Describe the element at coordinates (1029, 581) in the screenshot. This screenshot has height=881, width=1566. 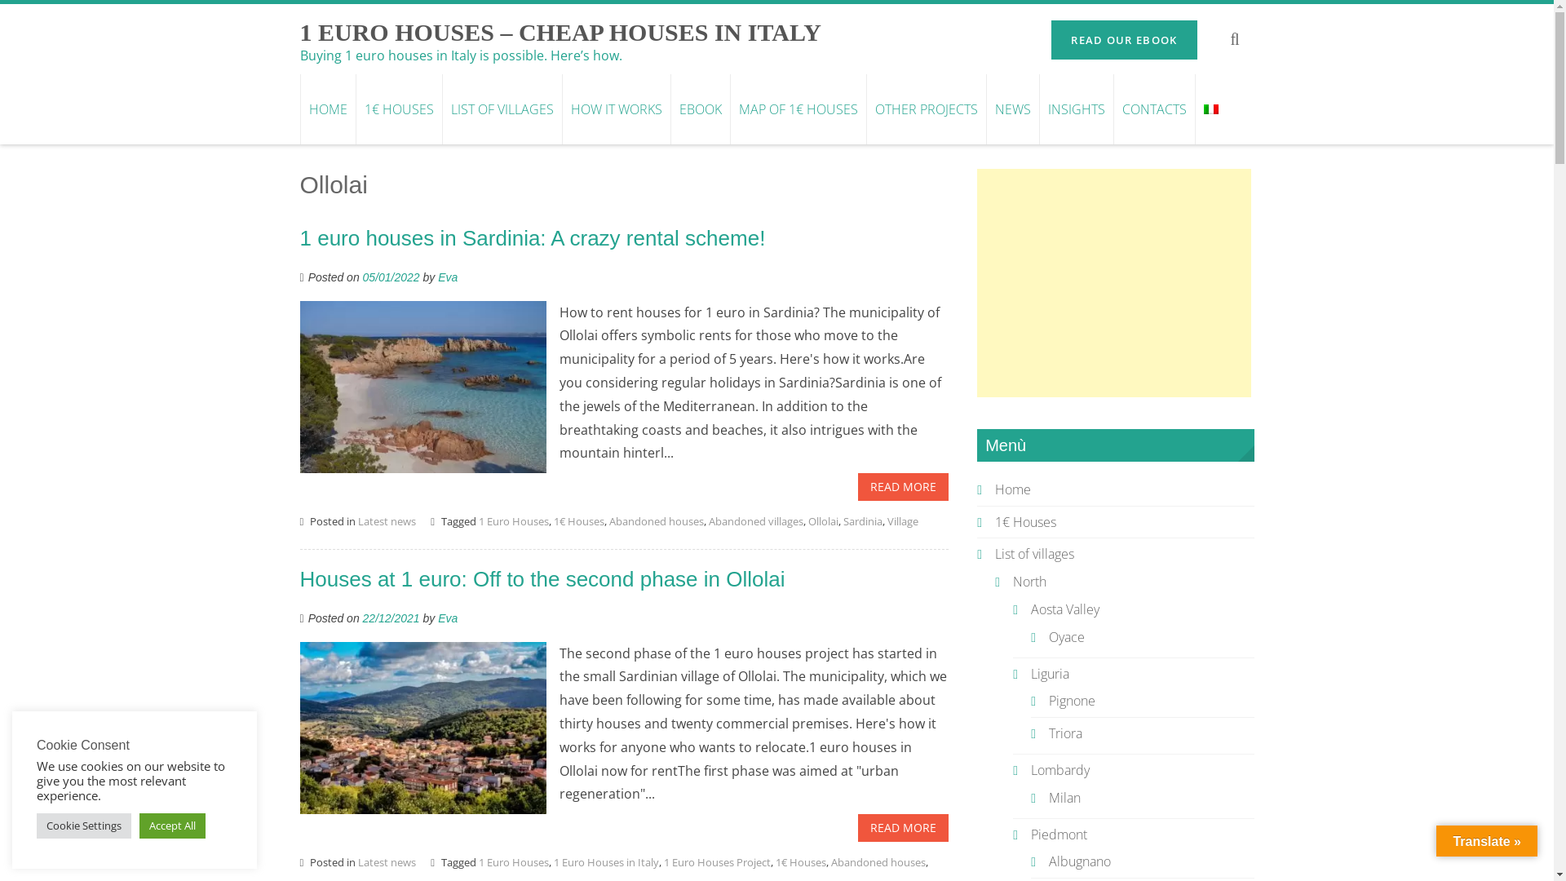
I see `'North'` at that location.